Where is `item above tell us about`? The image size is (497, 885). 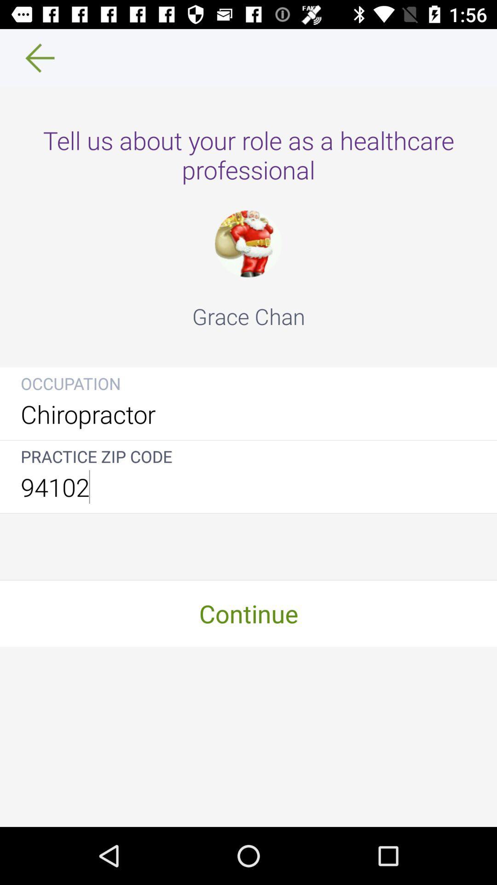
item above tell us about is located at coordinates (33, 57).